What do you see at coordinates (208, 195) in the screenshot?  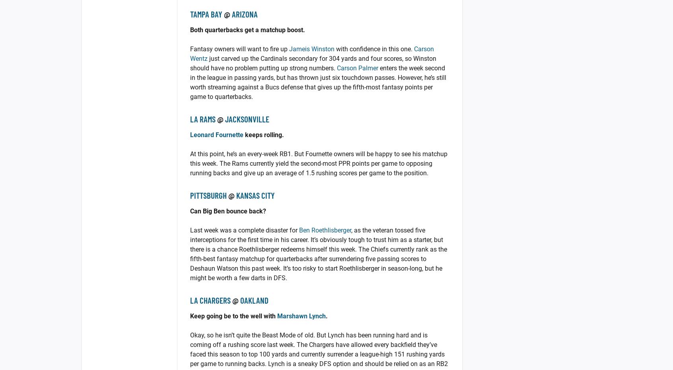 I see `'Pittsburgh'` at bounding box center [208, 195].